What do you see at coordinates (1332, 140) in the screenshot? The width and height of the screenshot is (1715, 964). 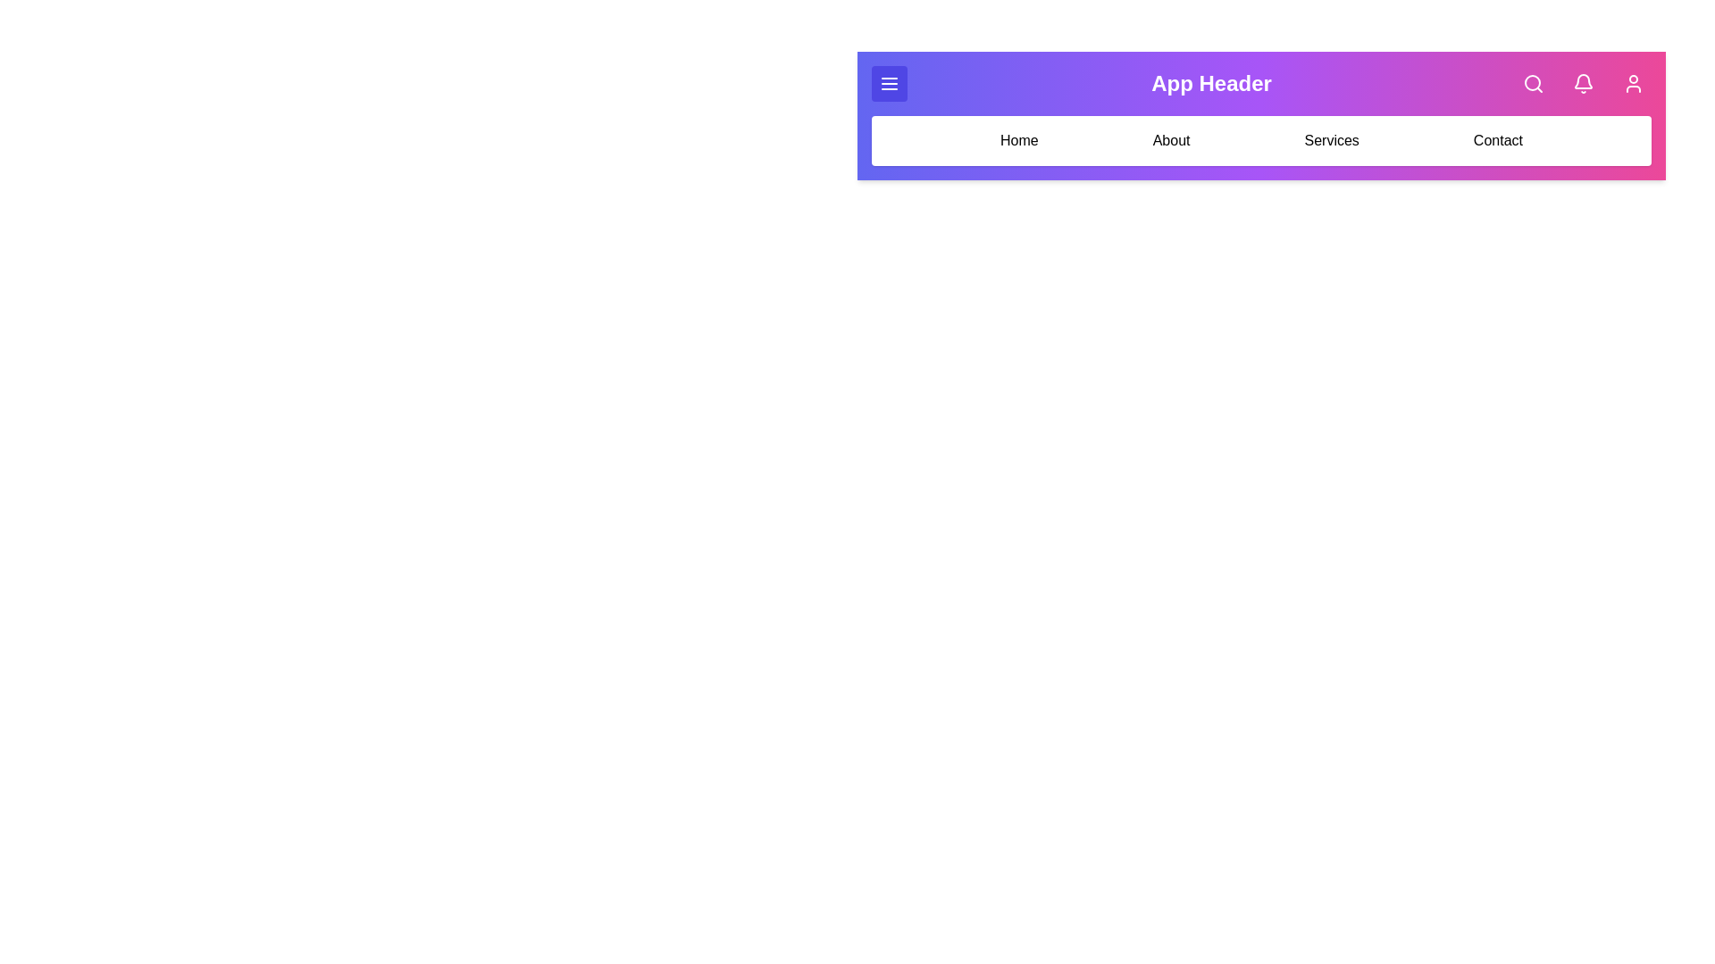 I see `the menu option Services from the navigation bar` at bounding box center [1332, 140].